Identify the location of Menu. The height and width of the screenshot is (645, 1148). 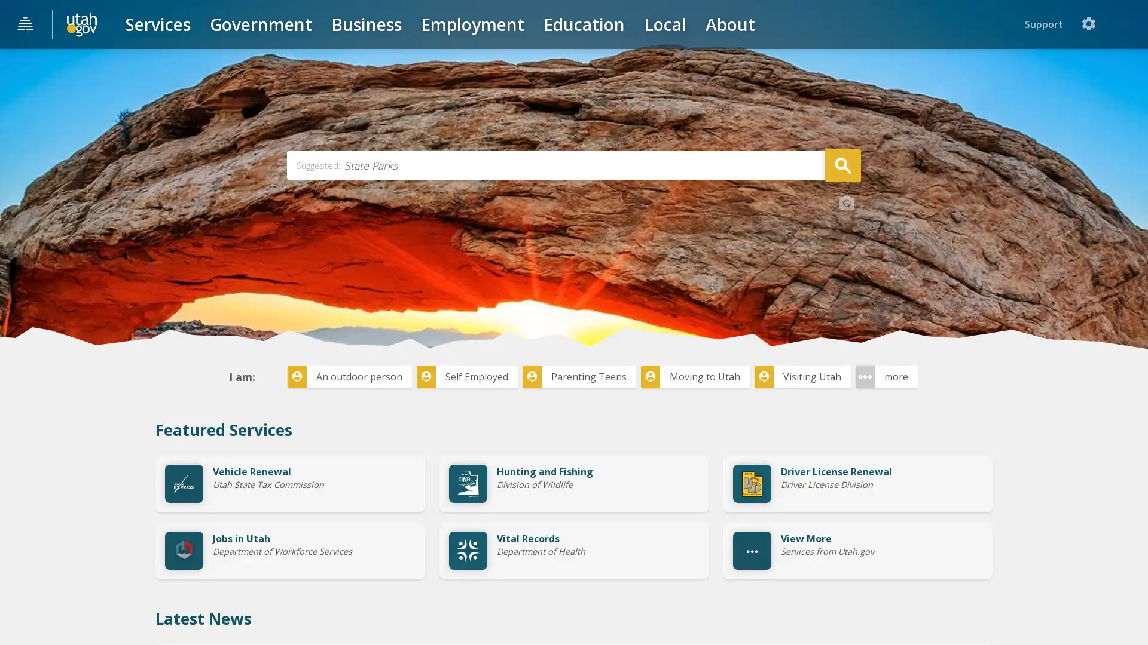
(26, 24).